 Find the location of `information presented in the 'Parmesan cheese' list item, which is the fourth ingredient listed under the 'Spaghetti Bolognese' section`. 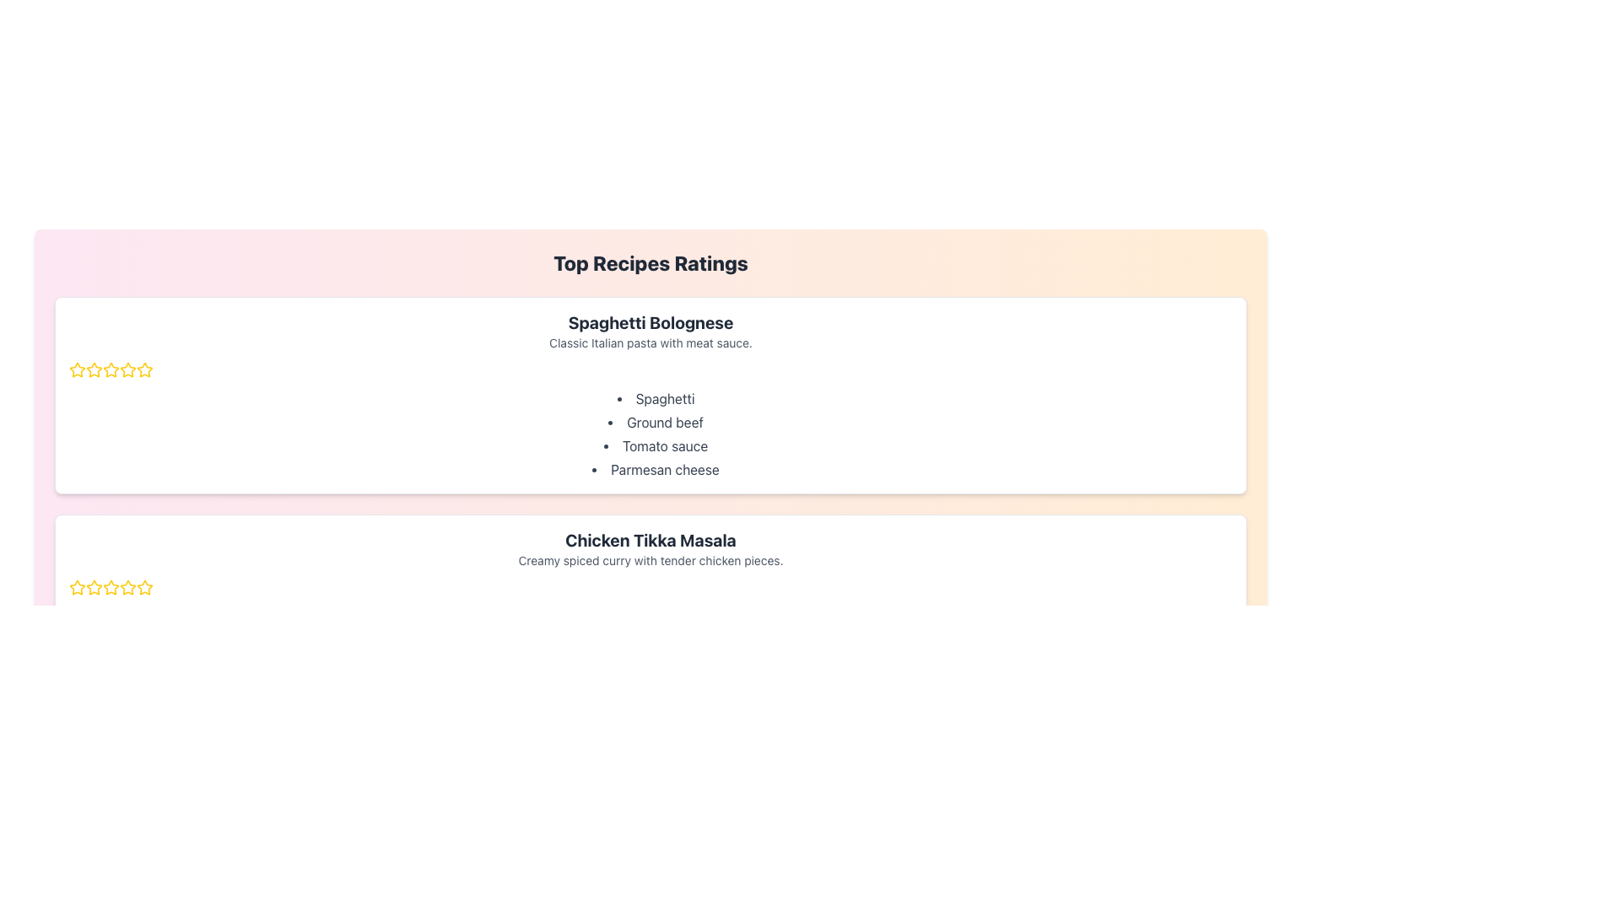

information presented in the 'Parmesan cheese' list item, which is the fourth ingredient listed under the 'Spaghetti Bolognese' section is located at coordinates (655, 469).